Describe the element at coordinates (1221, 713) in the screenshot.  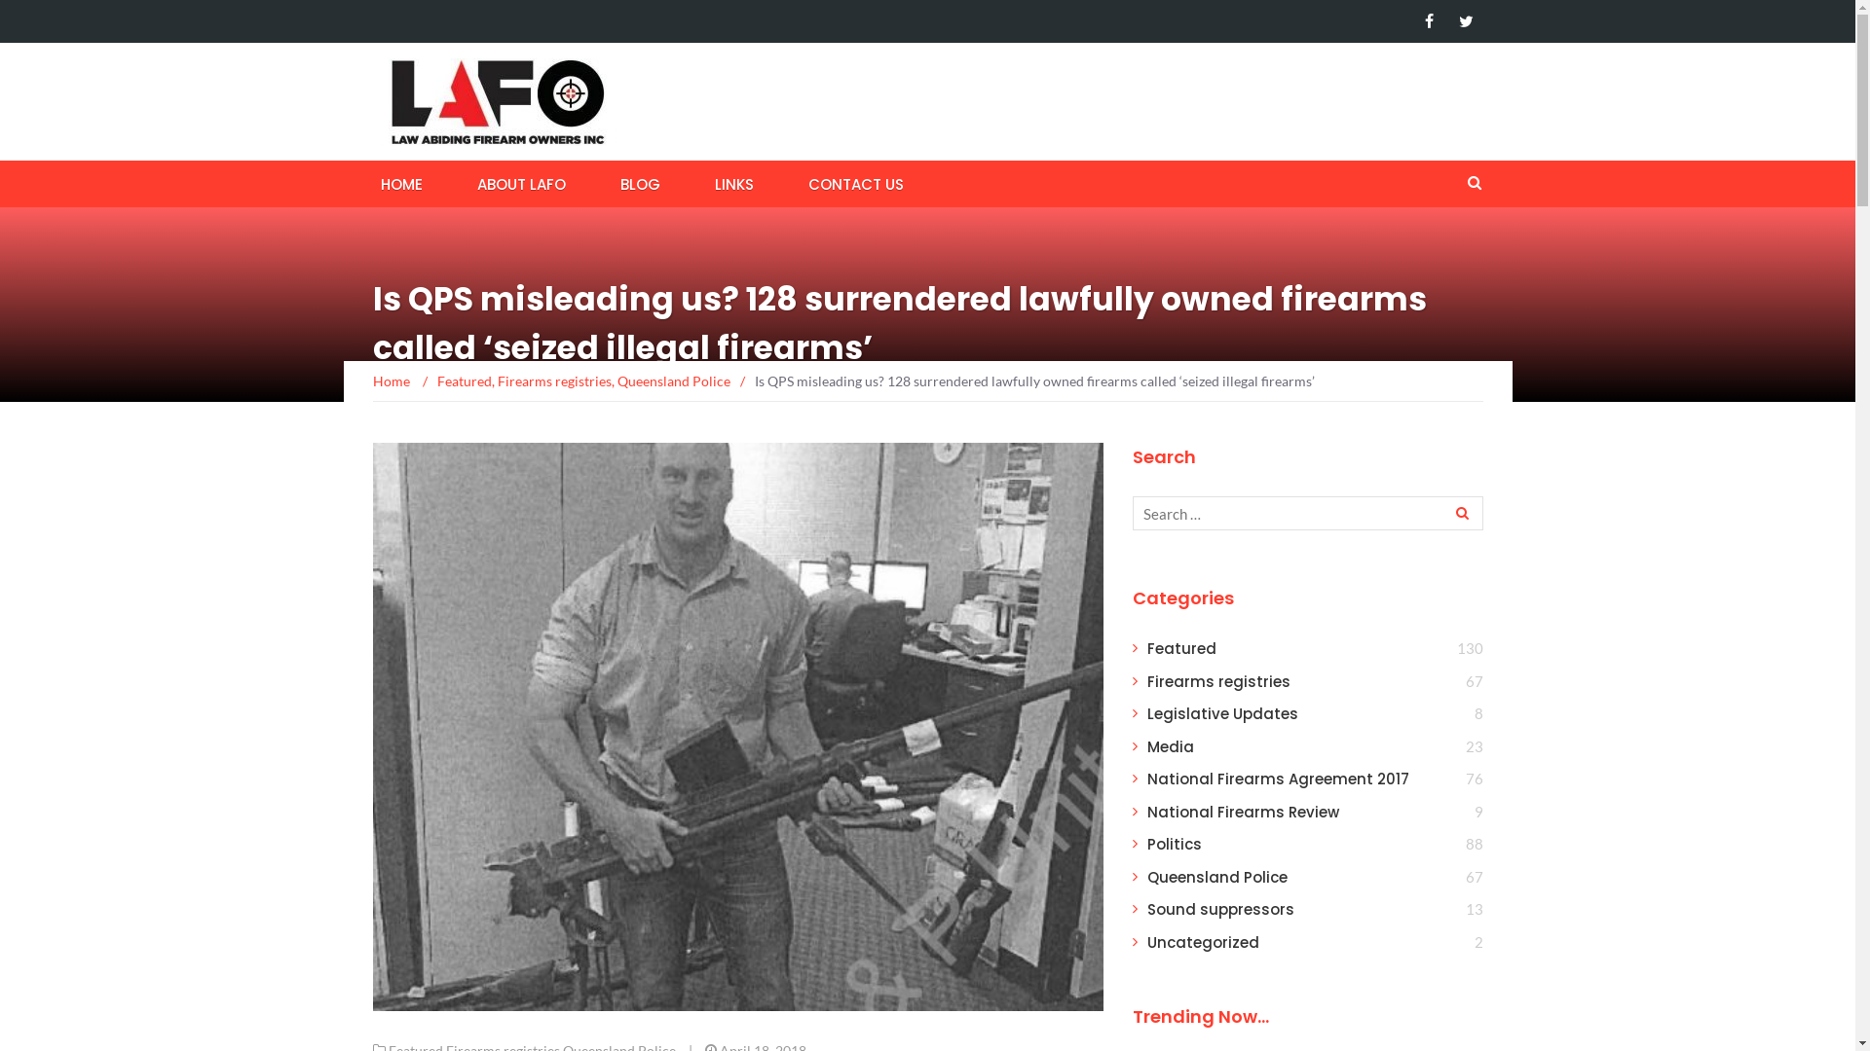
I see `'Legislative Updates'` at that location.